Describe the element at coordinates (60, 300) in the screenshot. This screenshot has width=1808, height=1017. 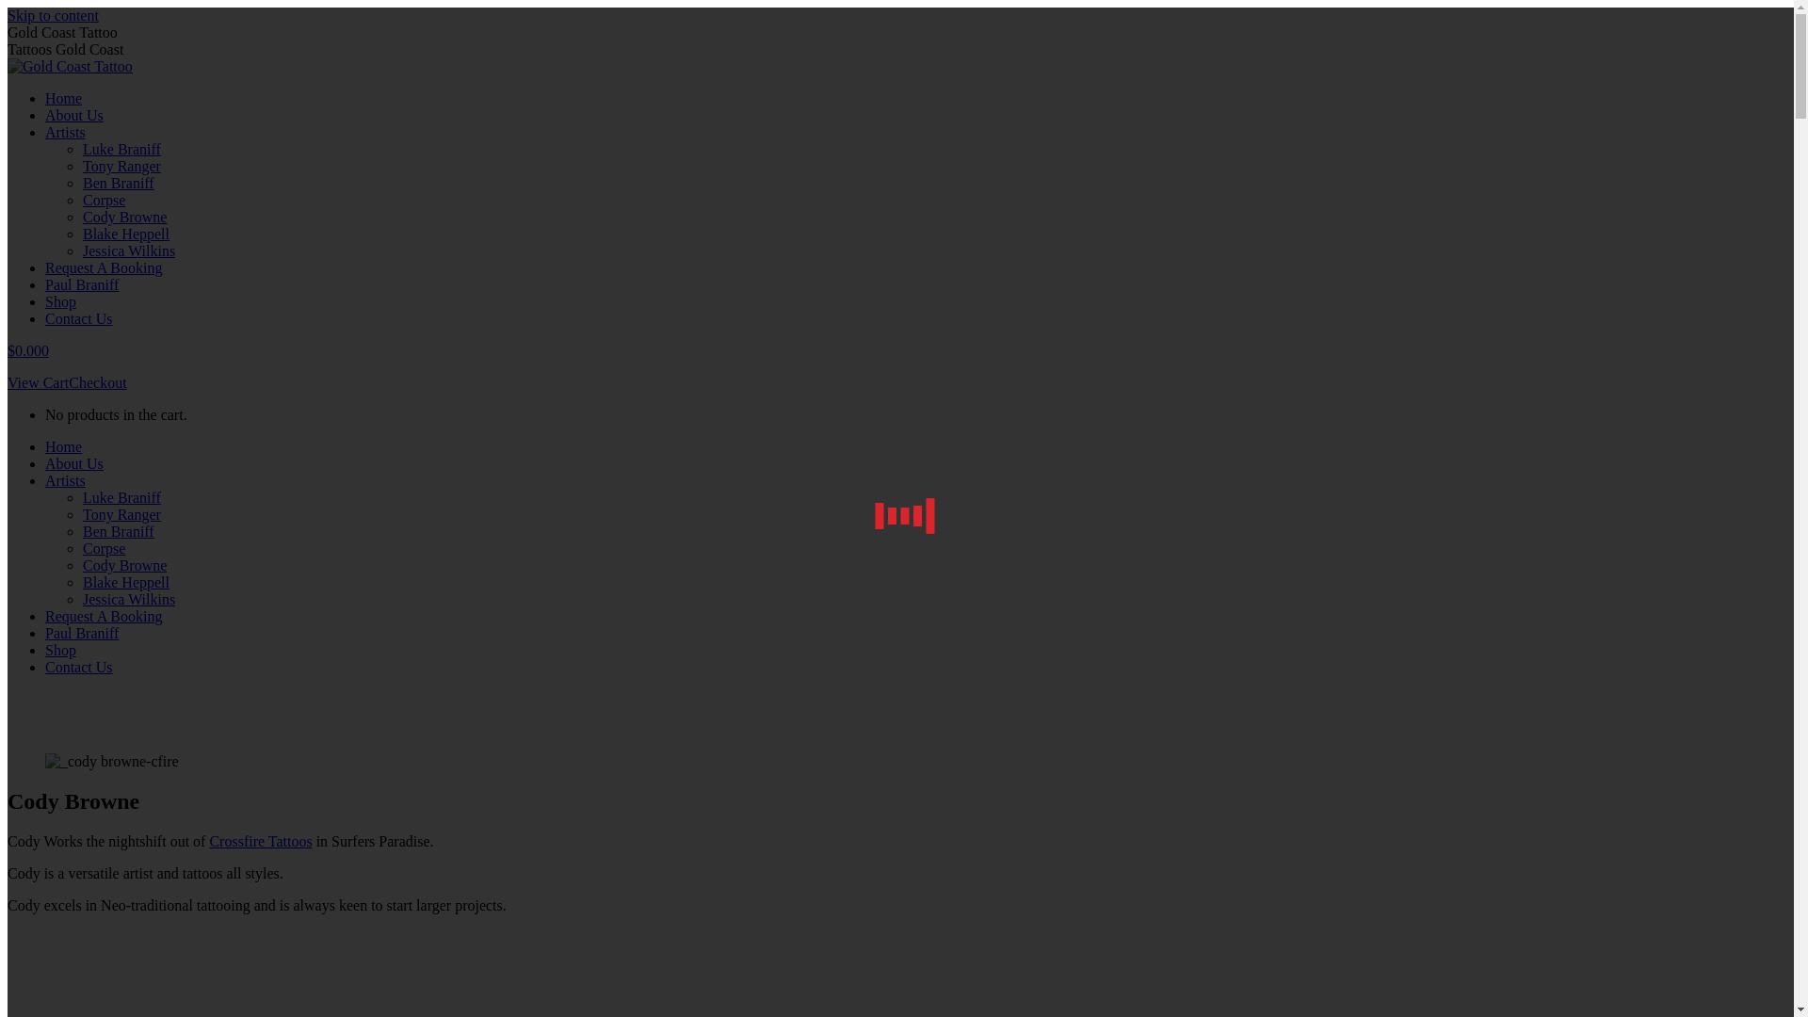
I see `'Shop'` at that location.